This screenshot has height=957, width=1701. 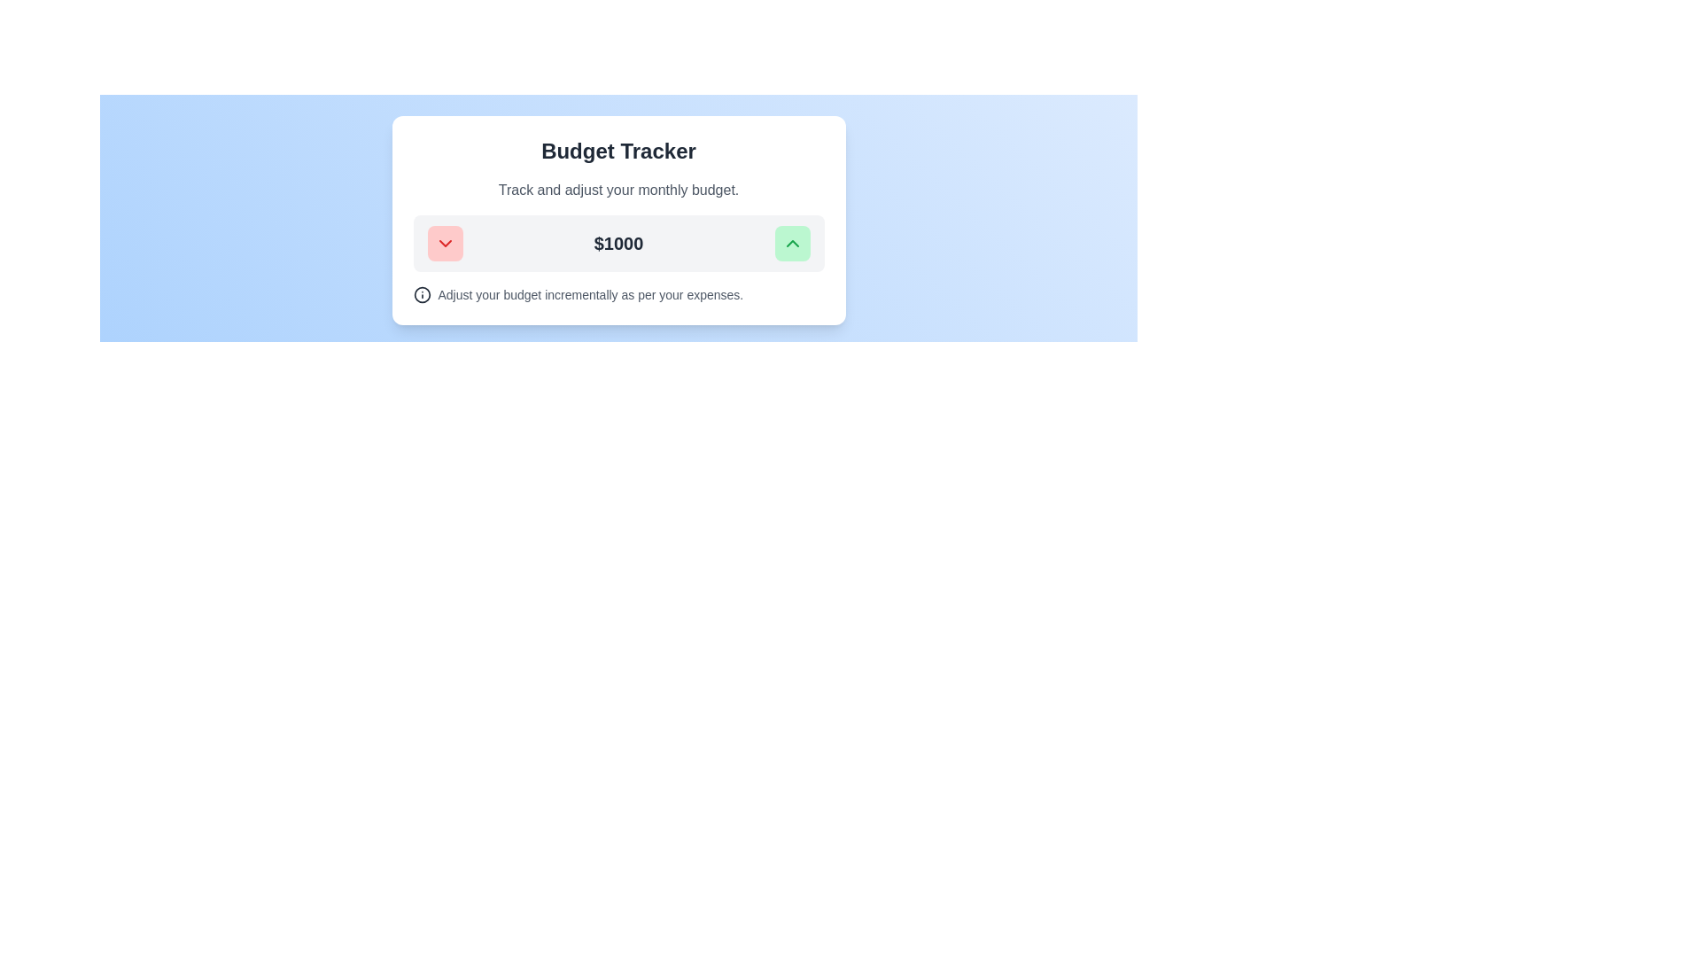 I want to click on the rounded rectangular button with a green arrow icon located to the far right of the '$1000' text, so click(x=791, y=243).